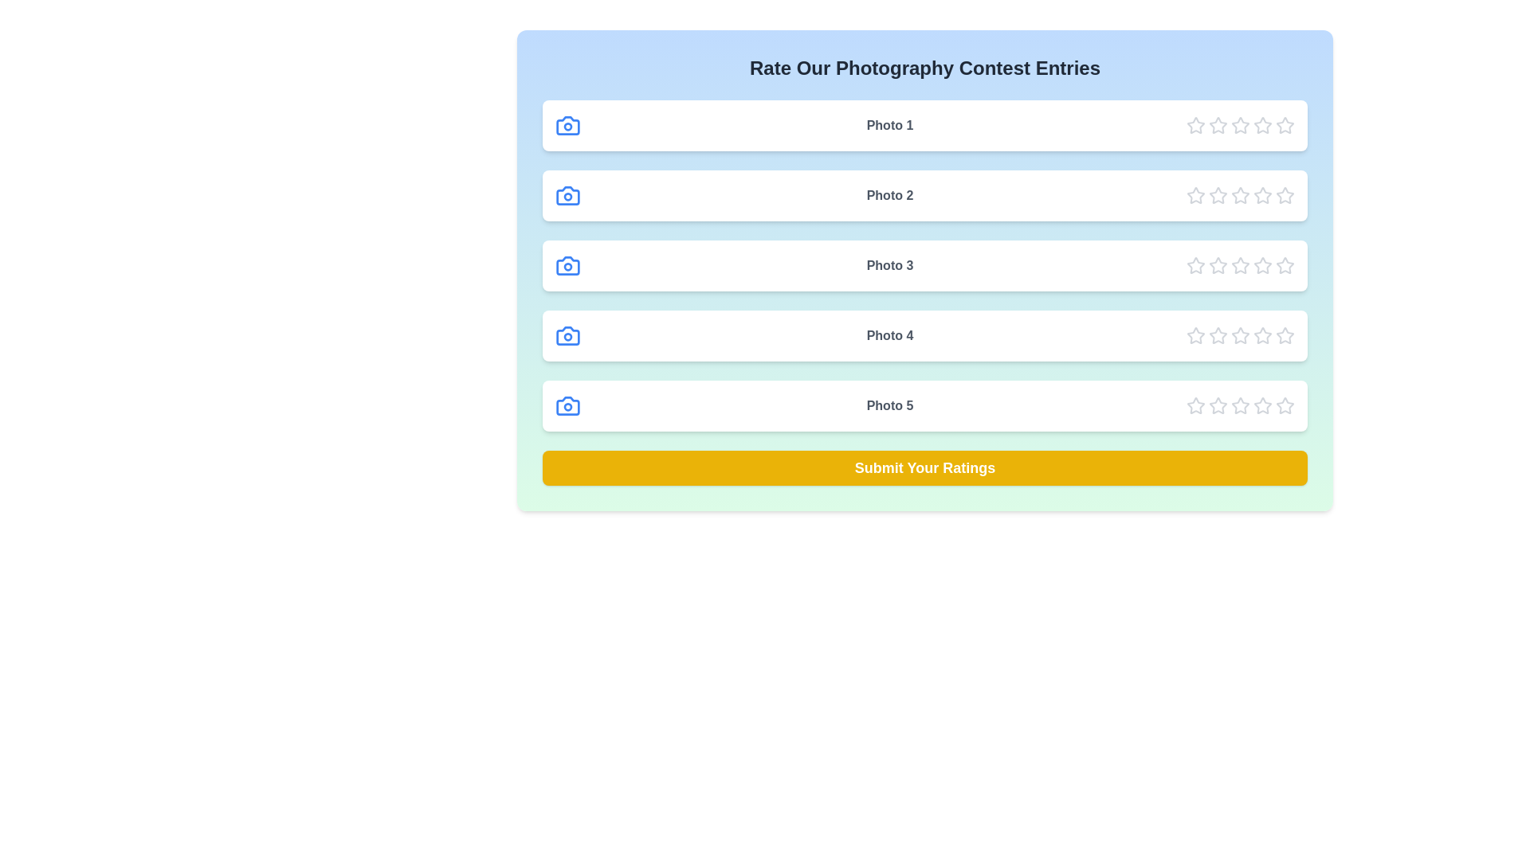 The image size is (1530, 860). What do you see at coordinates (889, 195) in the screenshot?
I see `the photo title Photo 2 to select or highlight it` at bounding box center [889, 195].